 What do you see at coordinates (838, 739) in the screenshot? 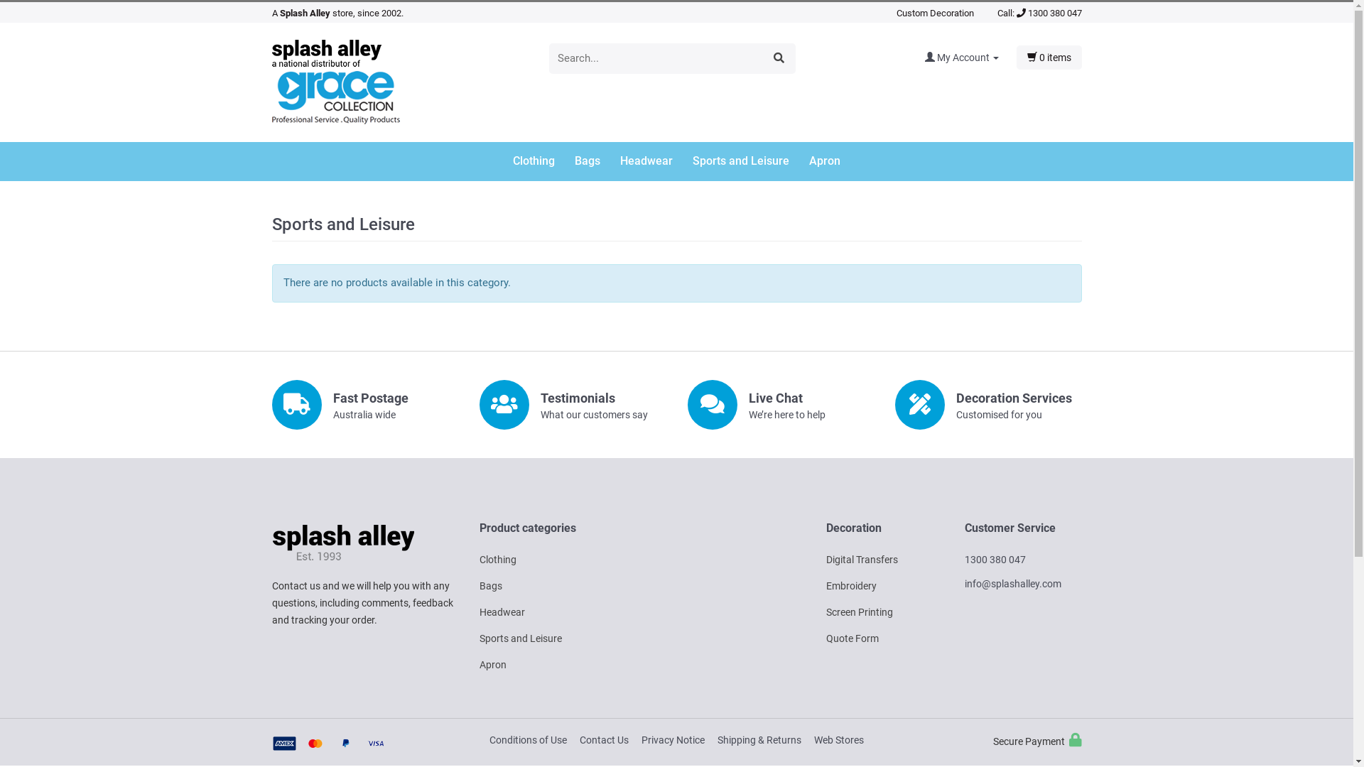
I see `'Web Stores'` at bounding box center [838, 739].